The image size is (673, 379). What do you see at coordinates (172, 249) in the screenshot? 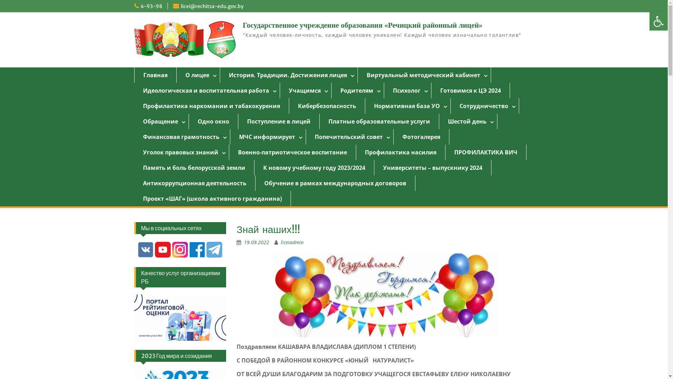
I see `'instagram'` at bounding box center [172, 249].